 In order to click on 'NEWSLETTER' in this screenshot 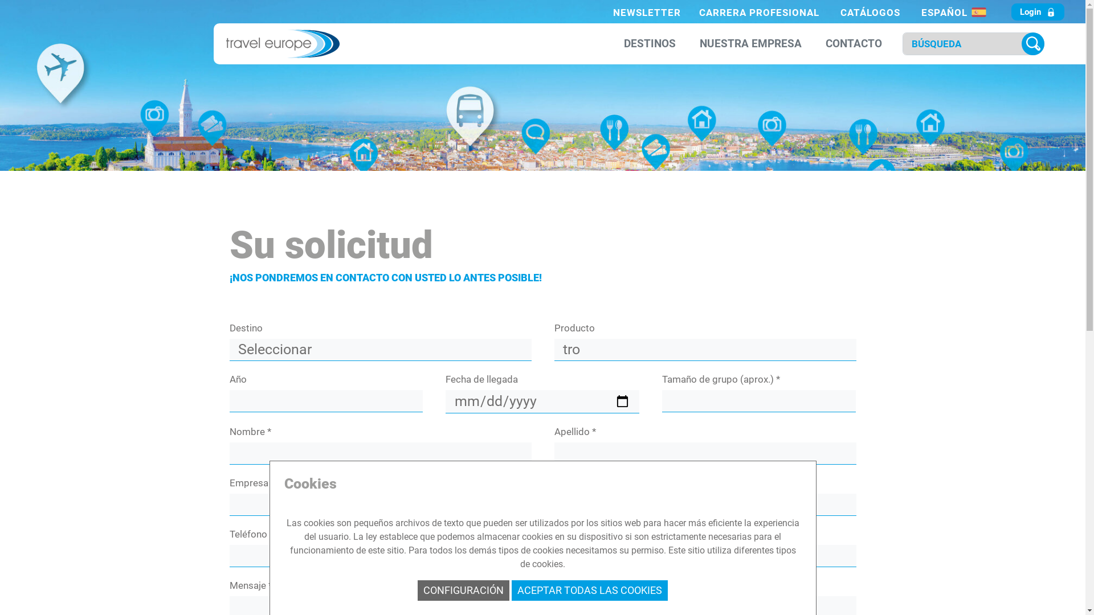, I will do `click(647, 13)`.